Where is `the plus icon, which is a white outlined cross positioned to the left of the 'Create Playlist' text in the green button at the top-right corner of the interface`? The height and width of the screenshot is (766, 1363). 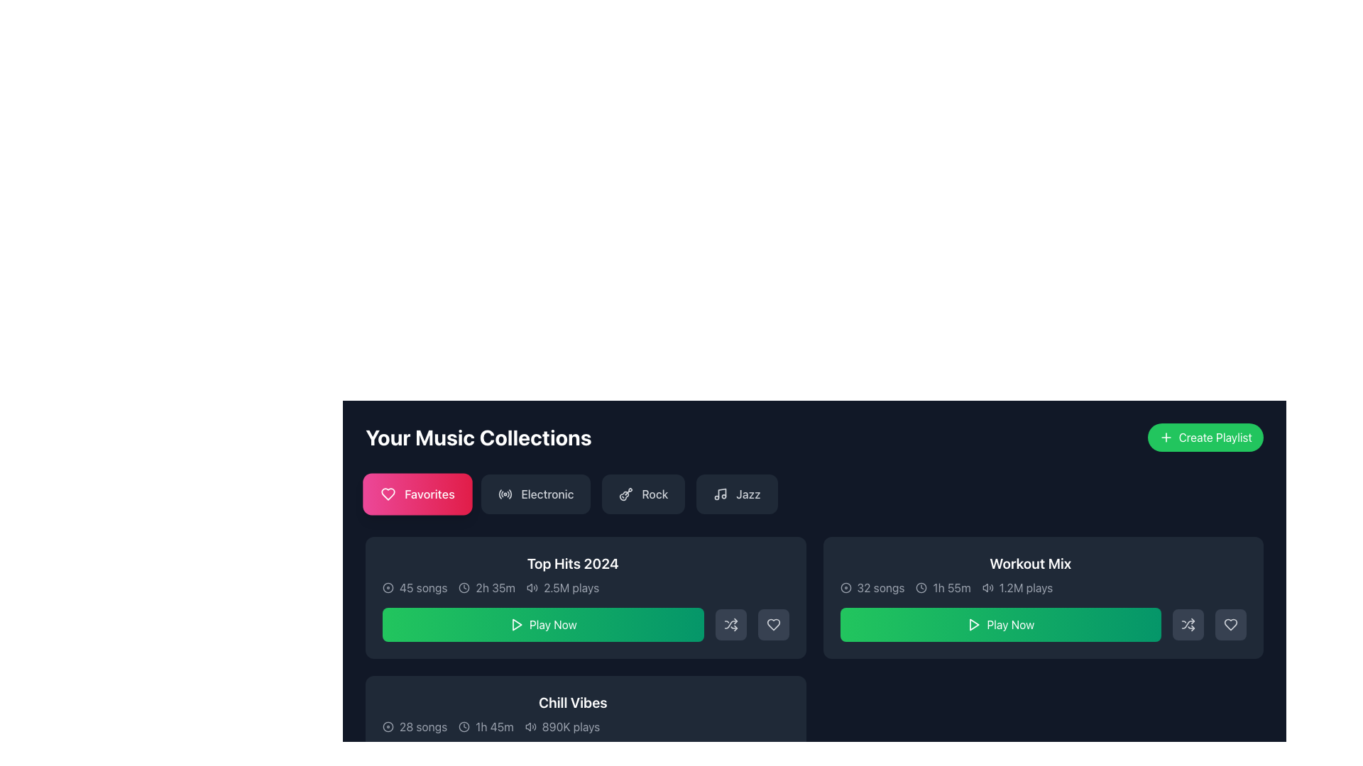 the plus icon, which is a white outlined cross positioned to the left of the 'Create Playlist' text in the green button at the top-right corner of the interface is located at coordinates (1166, 437).